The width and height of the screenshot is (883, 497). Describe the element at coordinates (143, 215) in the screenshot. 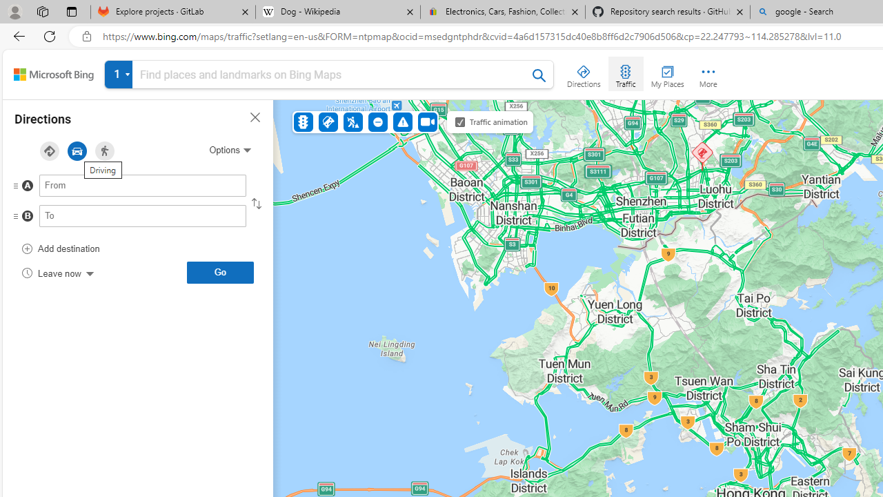

I see `'To'` at that location.